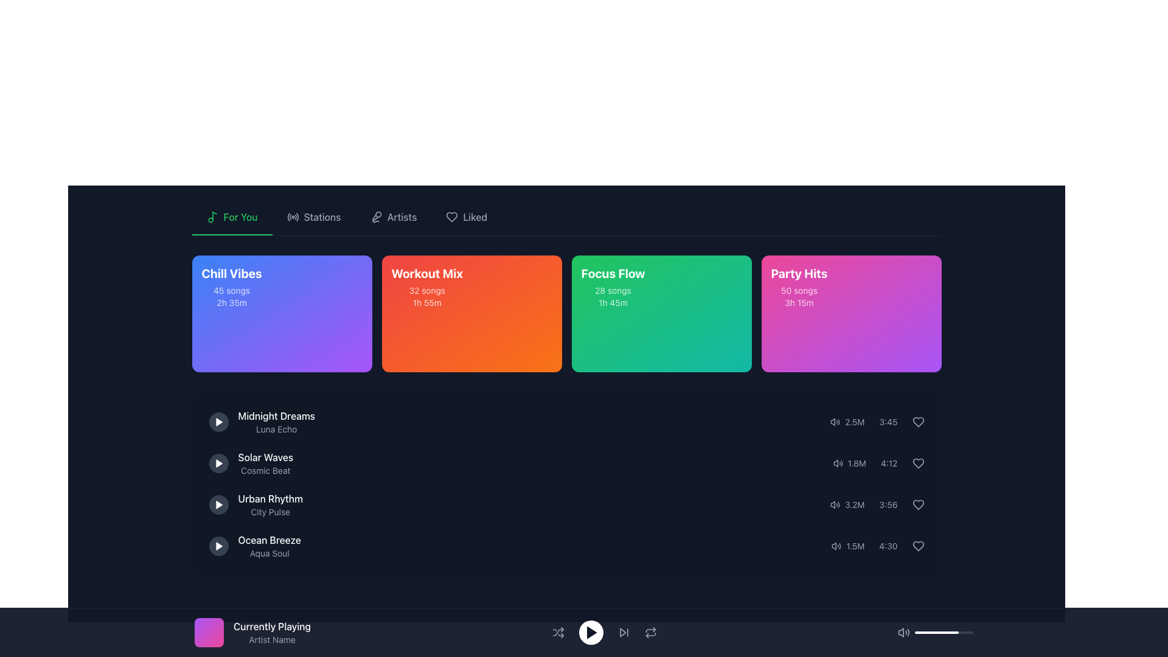 The height and width of the screenshot is (657, 1168). I want to click on the slider, so click(920, 632).